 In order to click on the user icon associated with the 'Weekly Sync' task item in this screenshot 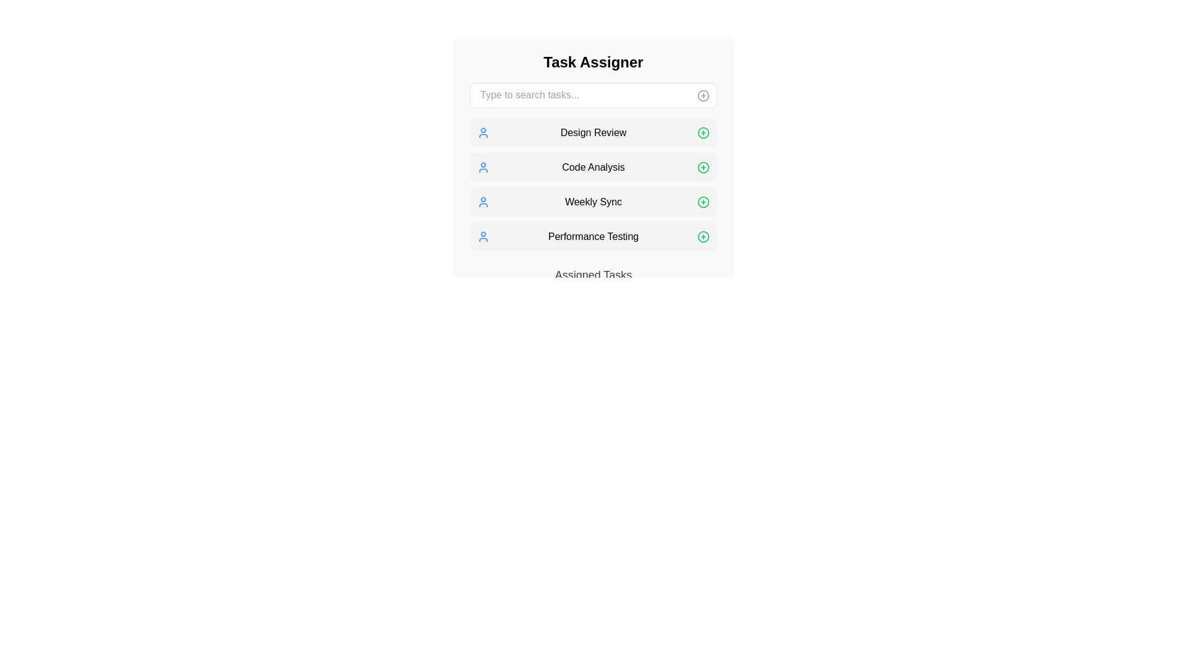, I will do `click(483, 202)`.